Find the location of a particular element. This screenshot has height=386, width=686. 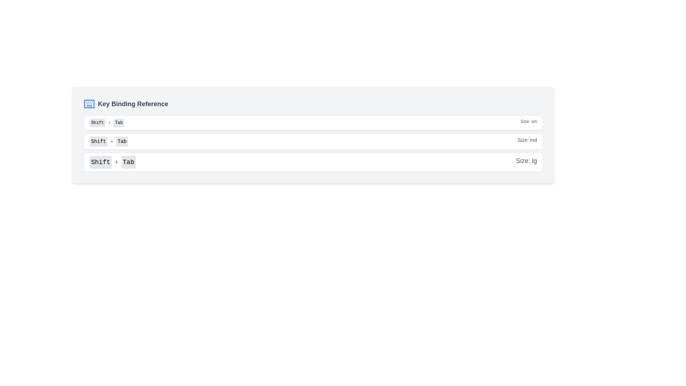

the topmost informational row displaying the keybinding reference 'Shift + Tab' and size descriptor 'Size: sm', which is located above the rows labeled 'Size: md' and 'Size: lg' is located at coordinates (313, 122).